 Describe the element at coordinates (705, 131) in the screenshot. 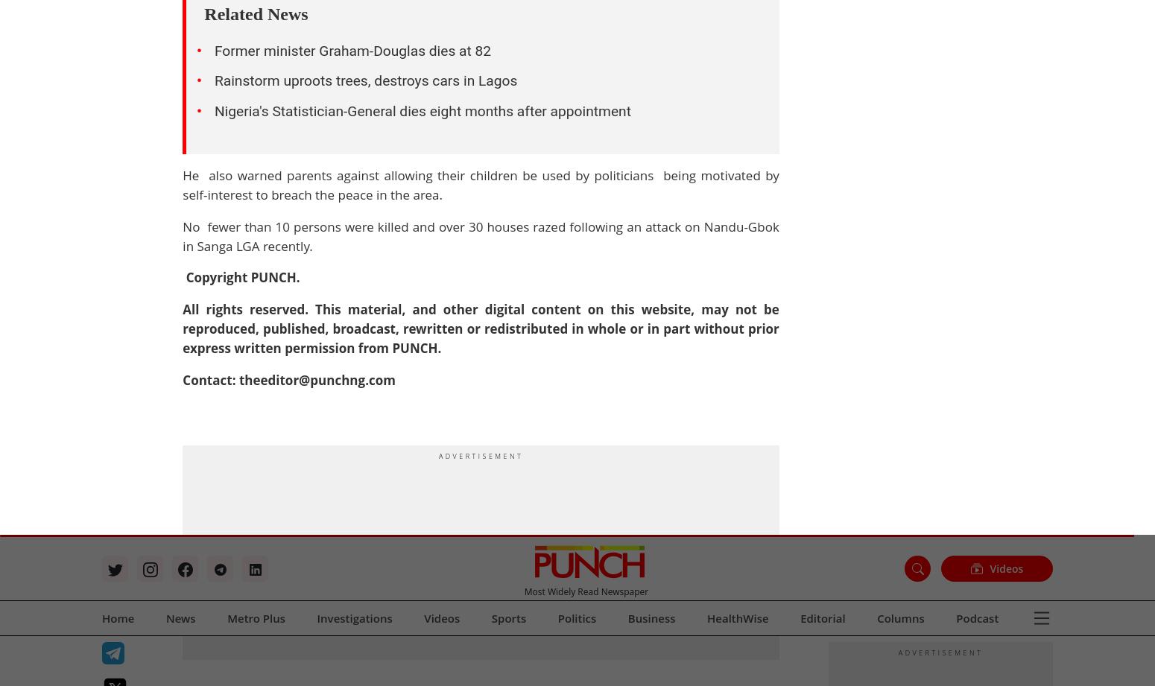

I see `'Contact'` at that location.